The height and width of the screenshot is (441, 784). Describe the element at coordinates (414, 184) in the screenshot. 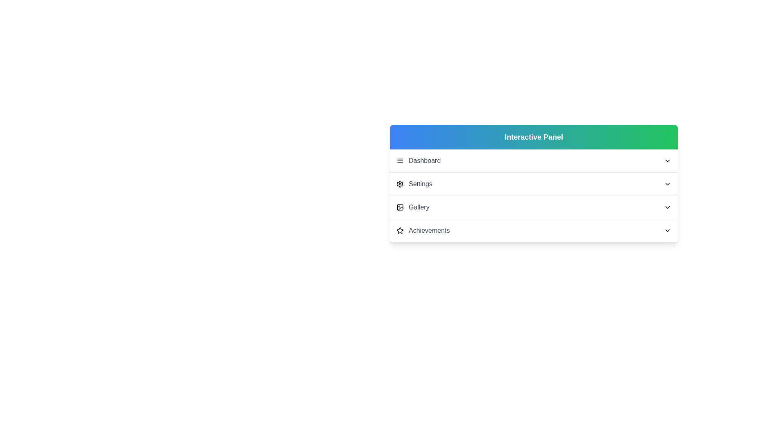

I see `the 'Settings' menu item, which is the second item in a vertical list` at that location.